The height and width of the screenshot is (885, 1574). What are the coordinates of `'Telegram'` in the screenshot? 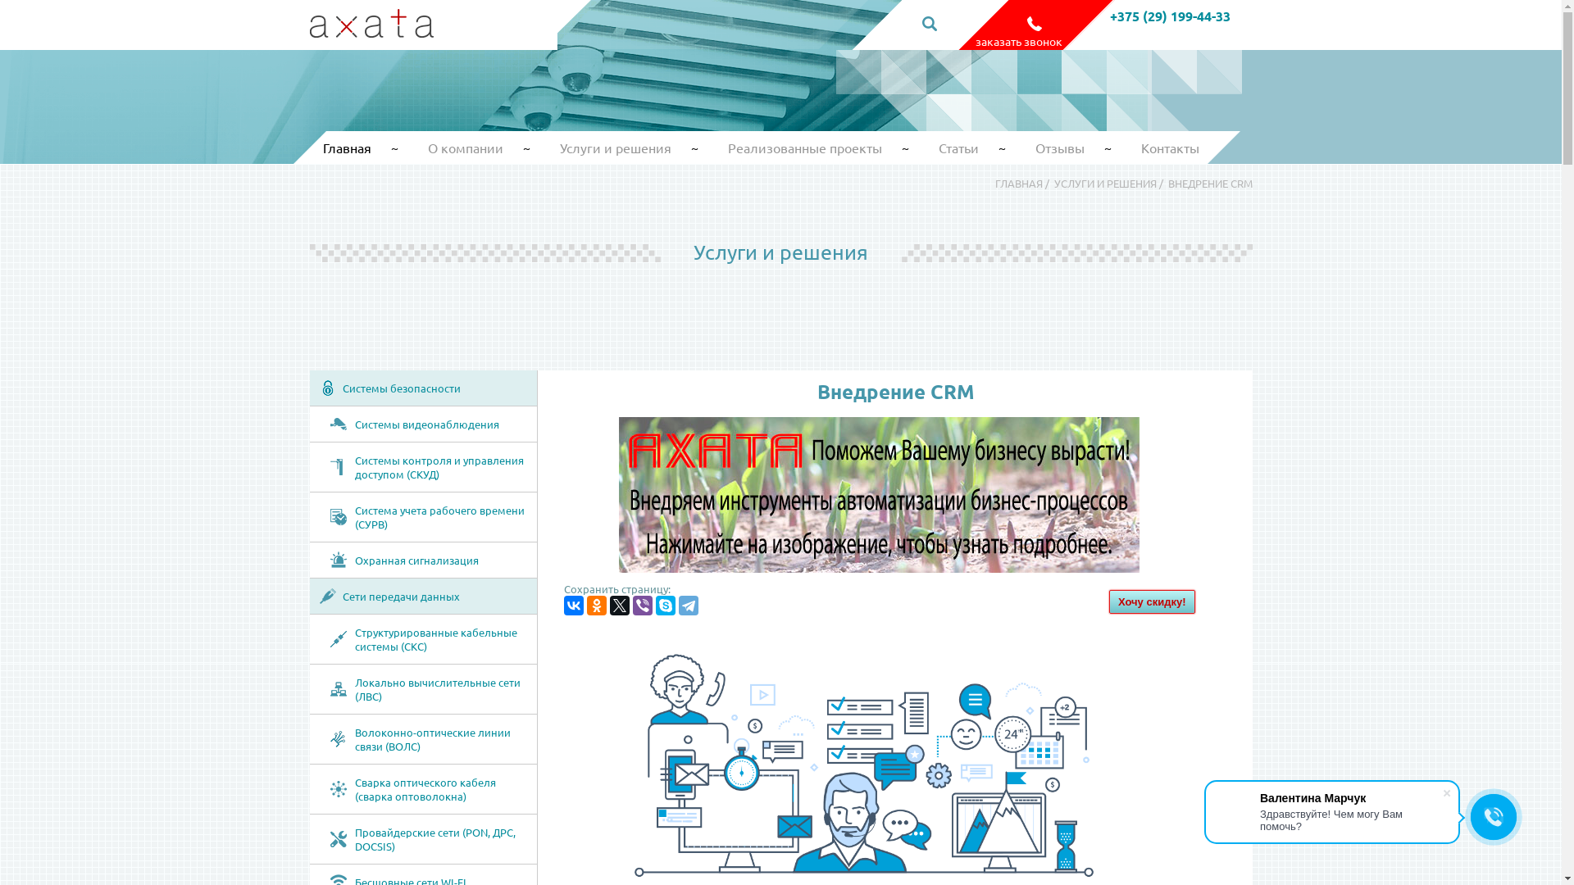 It's located at (689, 606).